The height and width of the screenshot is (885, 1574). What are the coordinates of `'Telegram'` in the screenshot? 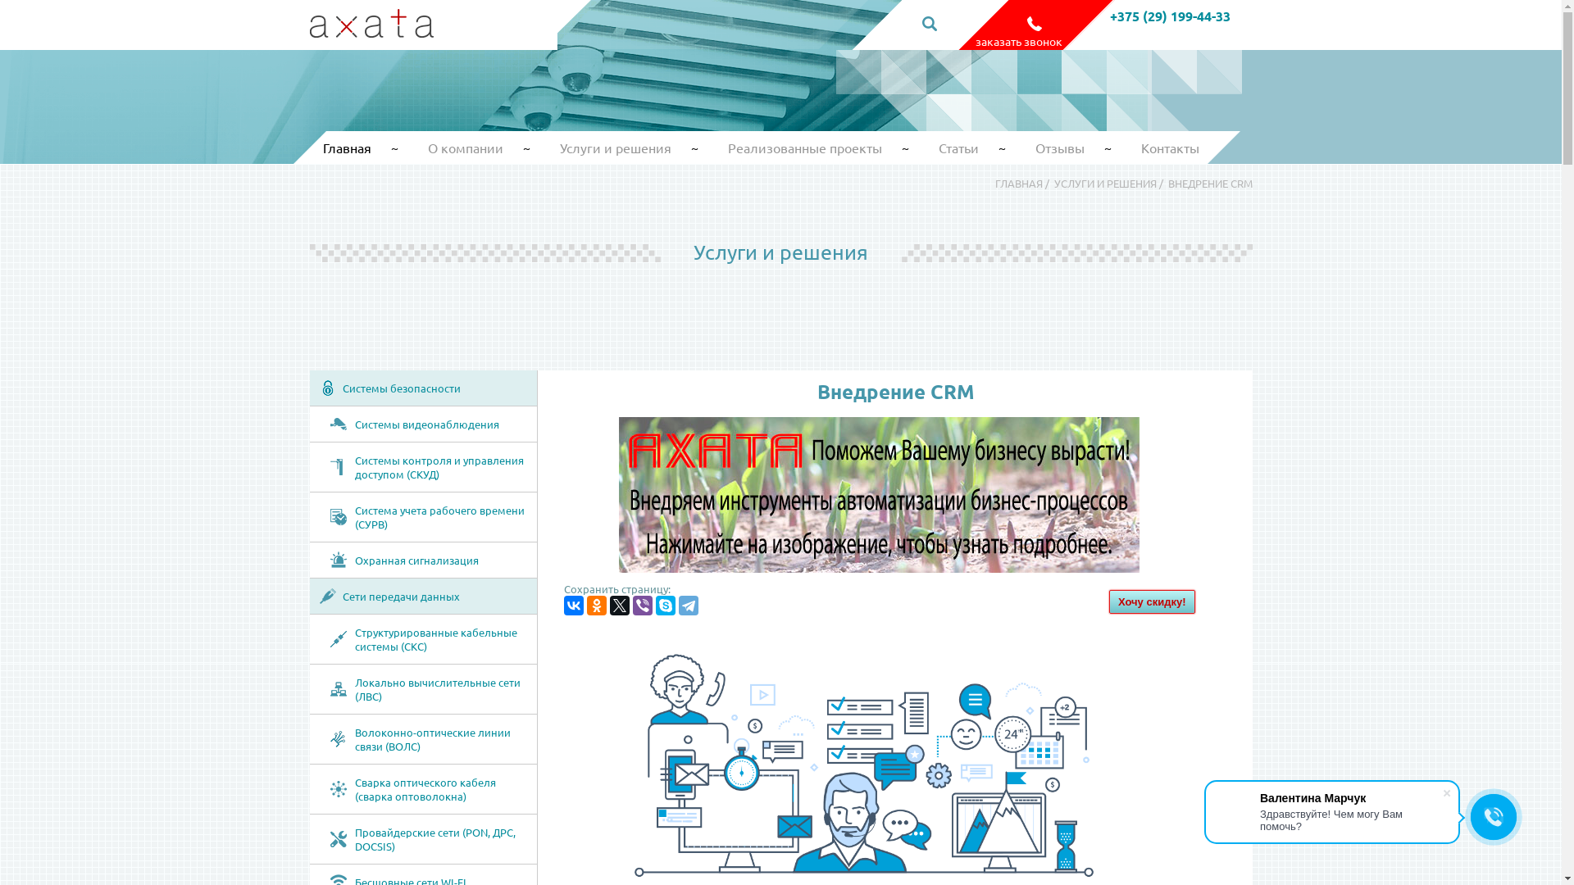 It's located at (689, 606).